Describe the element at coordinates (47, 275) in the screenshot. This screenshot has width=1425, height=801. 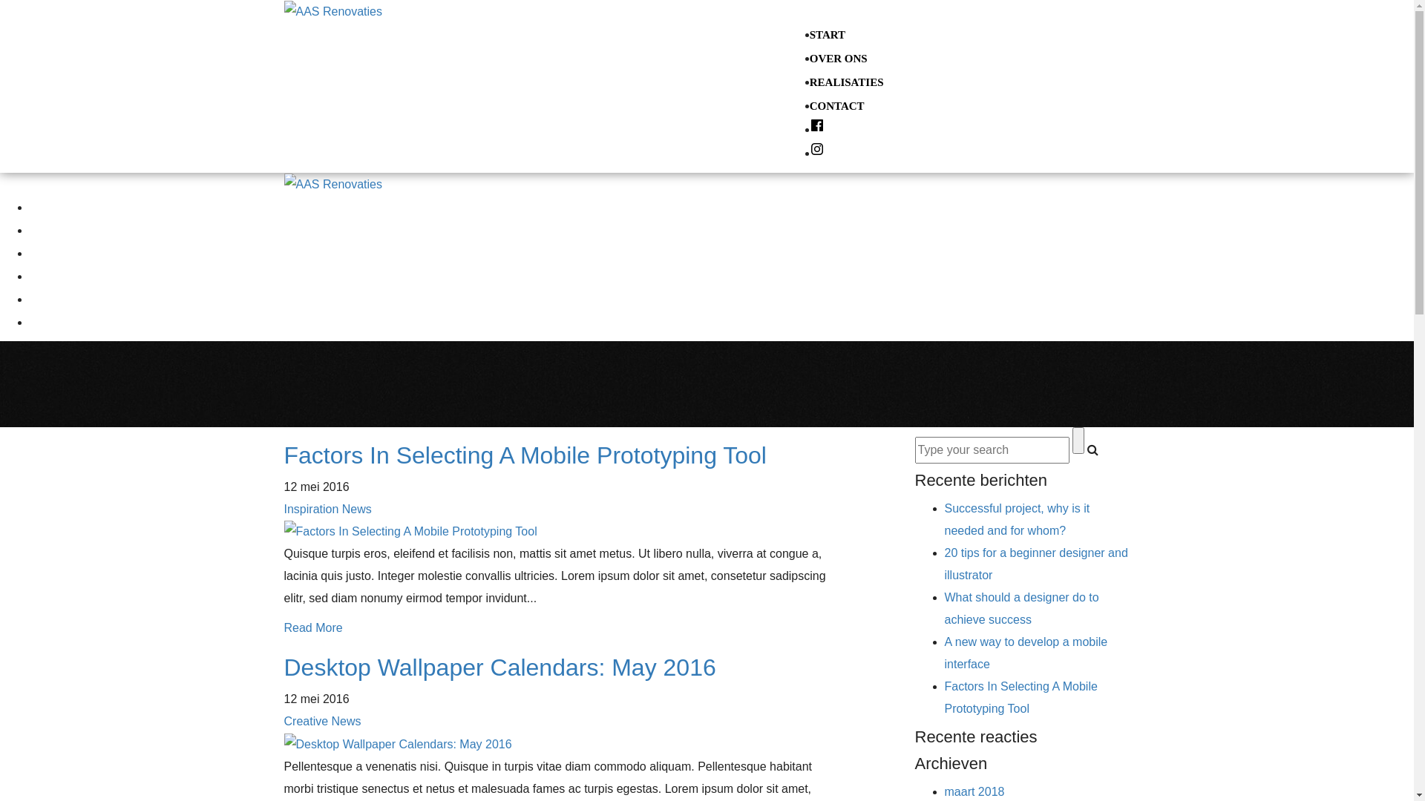
I see `'Contact'` at that location.